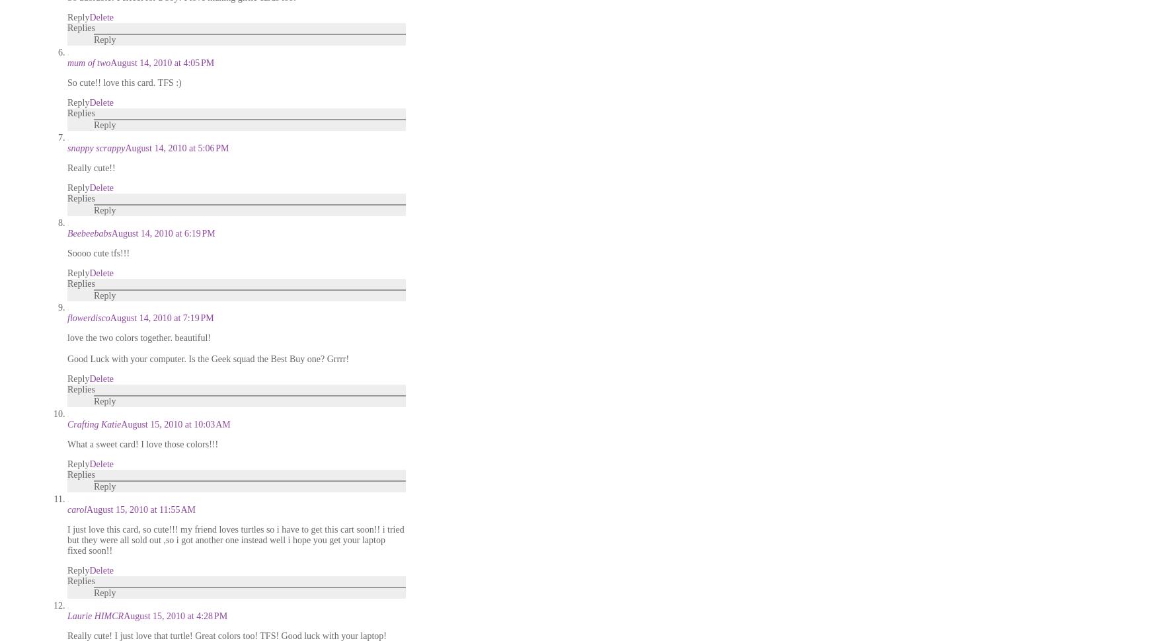 Image resolution: width=1170 pixels, height=641 pixels. I want to click on 'August 15, 2010 at 10:03 AM', so click(175, 424).